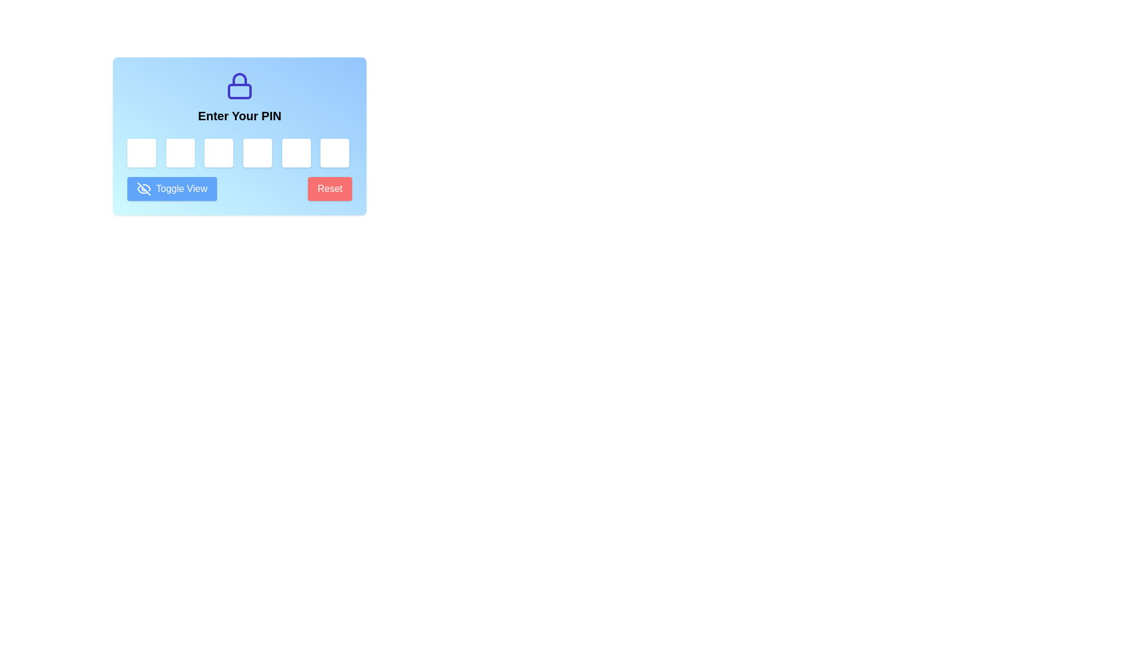  What do you see at coordinates (239, 188) in the screenshot?
I see `the spacer element located centrally beneath the six PIN input fields, which acts as a separator between the 'Toggle View' and 'Reset' buttons` at bounding box center [239, 188].